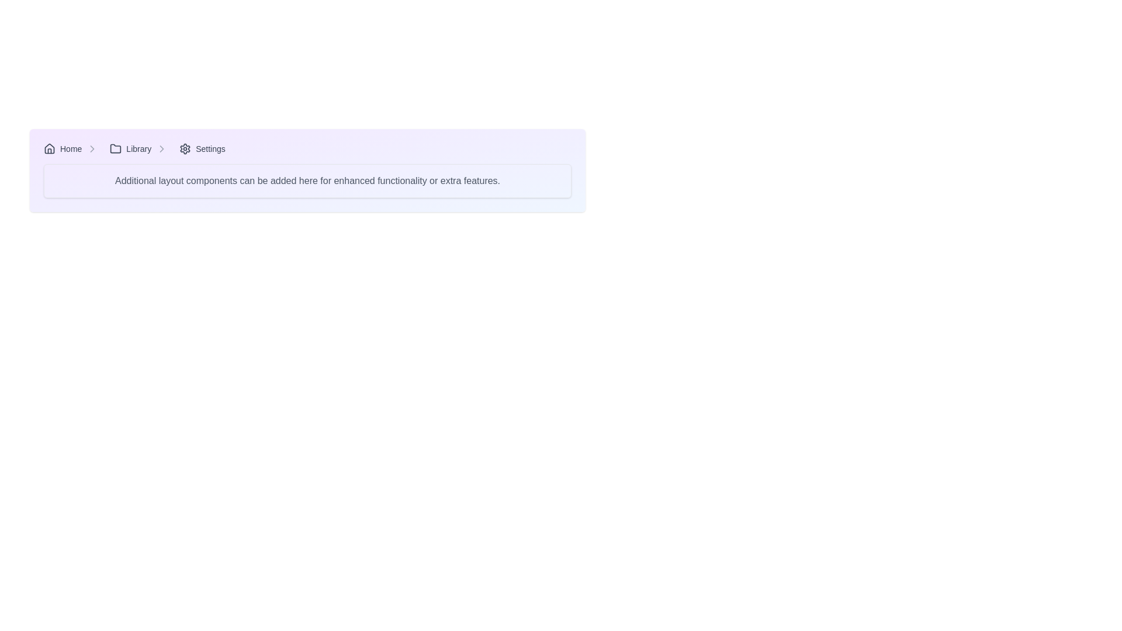 The height and width of the screenshot is (631, 1122). I want to click on the decorative SVG graphical element representing the roof of the house icon in the navigation bar, located to the far-left before the 'Home' text, so click(49, 148).